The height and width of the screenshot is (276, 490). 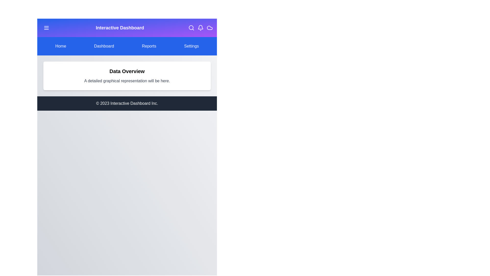 What do you see at coordinates (60, 46) in the screenshot?
I see `the menu item Home to navigate to the corresponding section` at bounding box center [60, 46].